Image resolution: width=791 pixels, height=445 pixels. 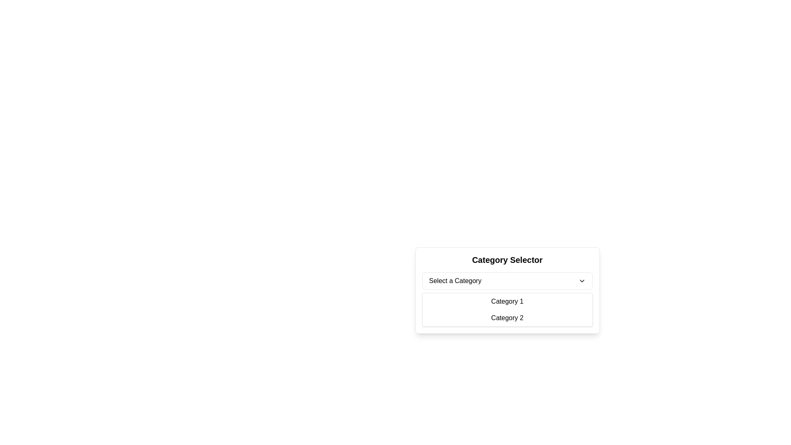 What do you see at coordinates (507, 290) in the screenshot?
I see `the Dropdown menu located below the 'Category Selector' title` at bounding box center [507, 290].